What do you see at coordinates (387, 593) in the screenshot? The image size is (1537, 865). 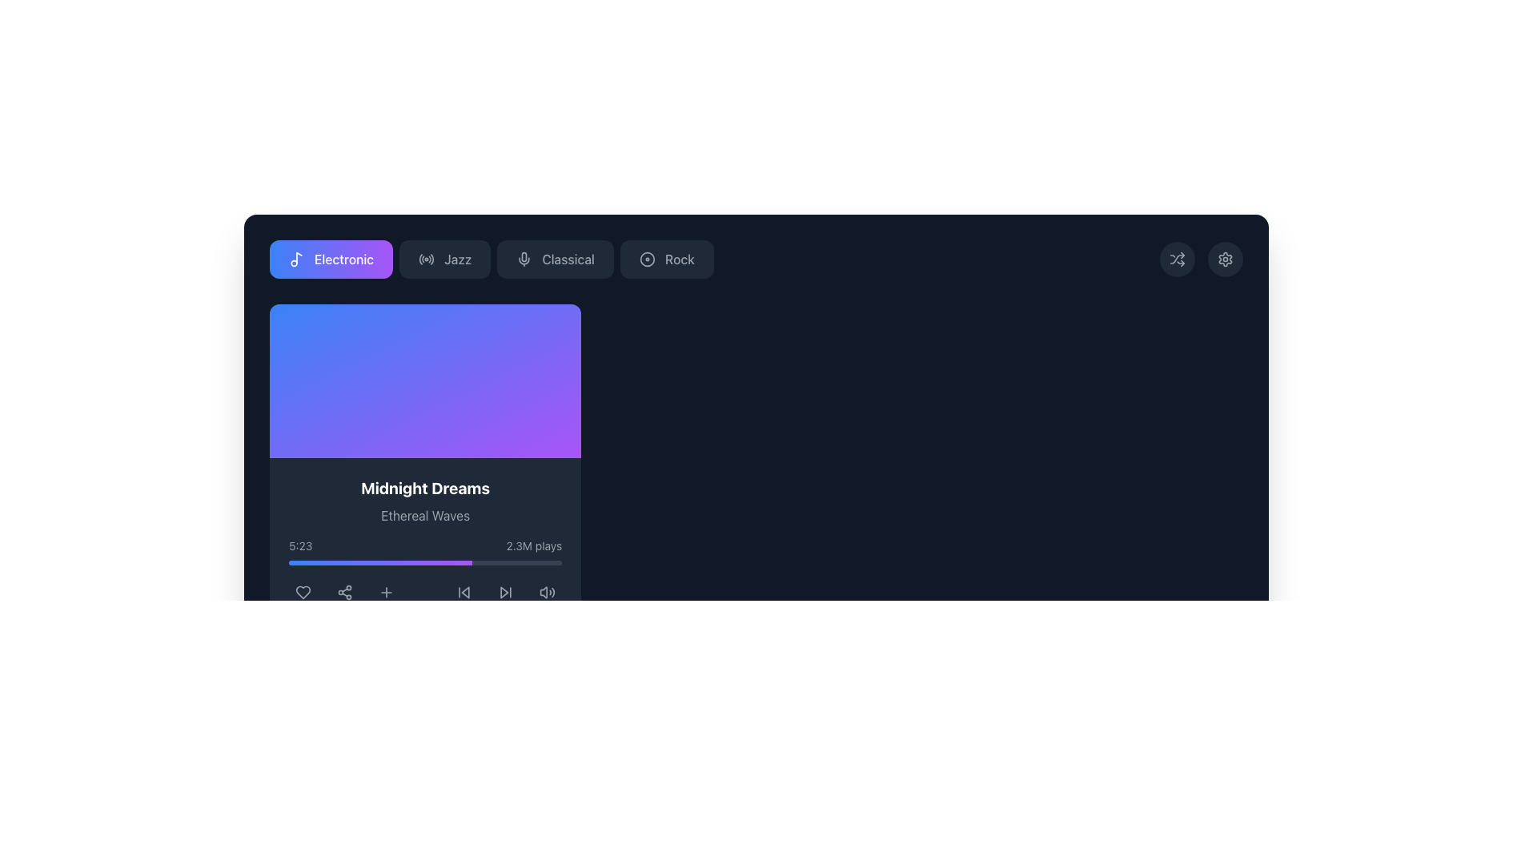 I see `the third circular button with a '+' icon, located below the music album description section` at bounding box center [387, 593].